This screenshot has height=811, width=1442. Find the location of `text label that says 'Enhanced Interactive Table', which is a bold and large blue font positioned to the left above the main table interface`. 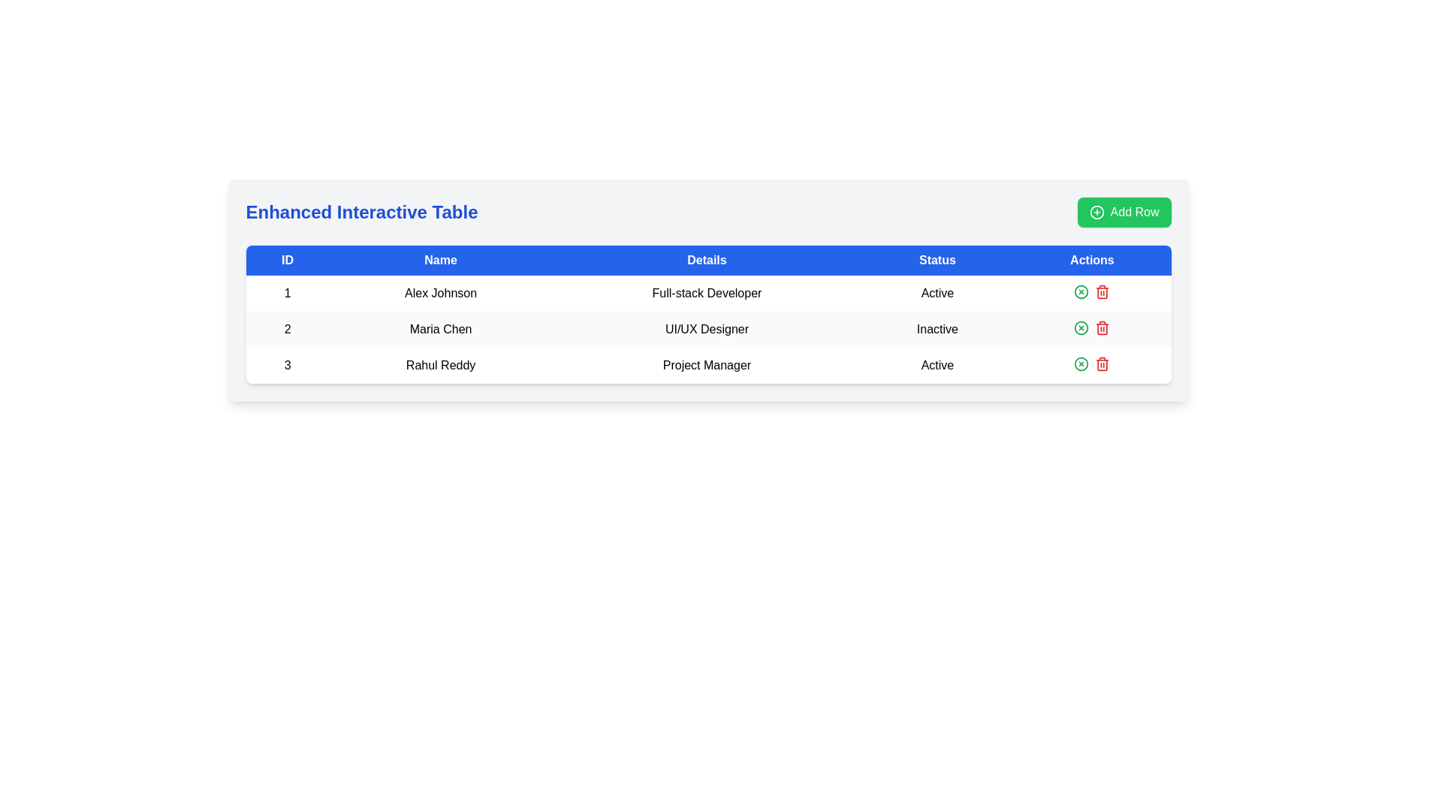

text label that says 'Enhanced Interactive Table', which is a bold and large blue font positioned to the left above the main table interface is located at coordinates (361, 212).